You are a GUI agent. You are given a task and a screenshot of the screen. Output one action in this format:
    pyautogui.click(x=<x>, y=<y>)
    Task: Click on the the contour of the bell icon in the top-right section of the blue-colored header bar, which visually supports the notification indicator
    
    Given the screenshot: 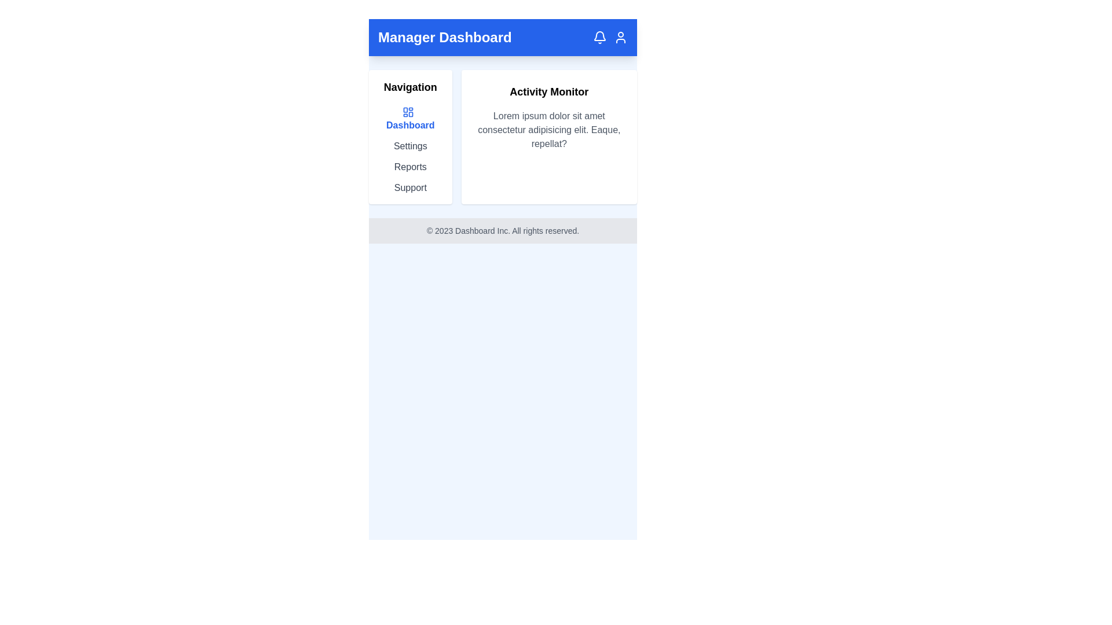 What is the action you would take?
    pyautogui.click(x=600, y=35)
    